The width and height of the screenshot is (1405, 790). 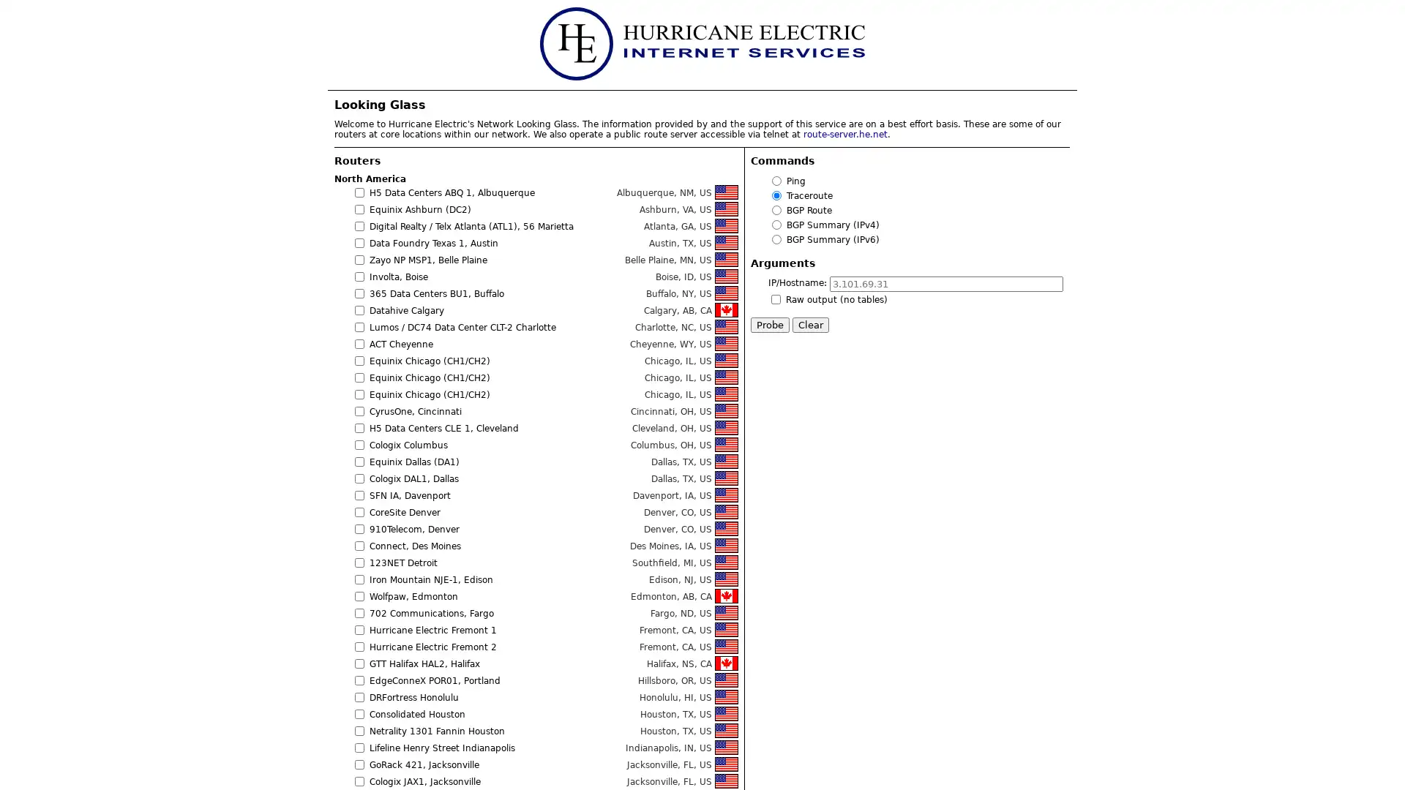 I want to click on Clear, so click(x=810, y=324).